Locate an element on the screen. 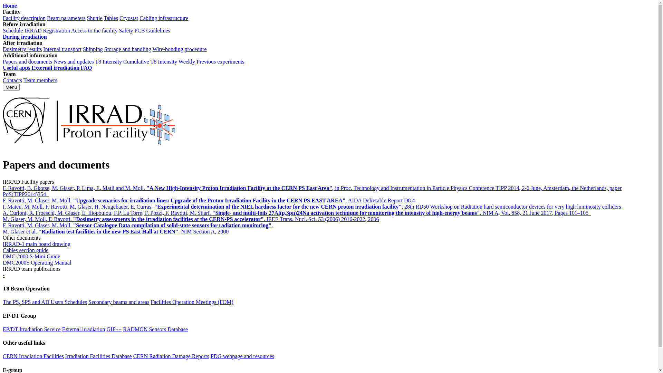 Image resolution: width=663 pixels, height=373 pixels. 'Useful apps' is located at coordinates (3, 68).